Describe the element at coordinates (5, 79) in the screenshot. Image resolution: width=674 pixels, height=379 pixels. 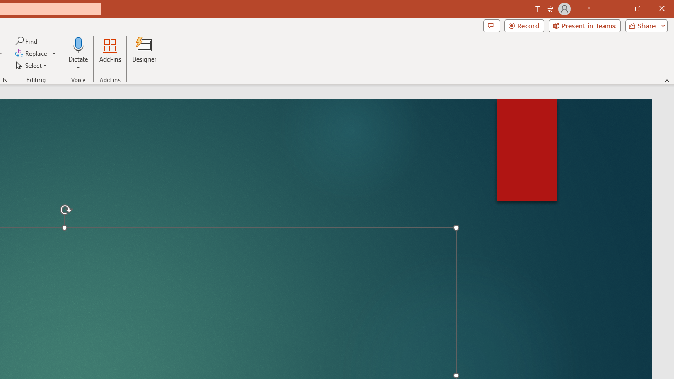
I see `'Format Object...'` at that location.